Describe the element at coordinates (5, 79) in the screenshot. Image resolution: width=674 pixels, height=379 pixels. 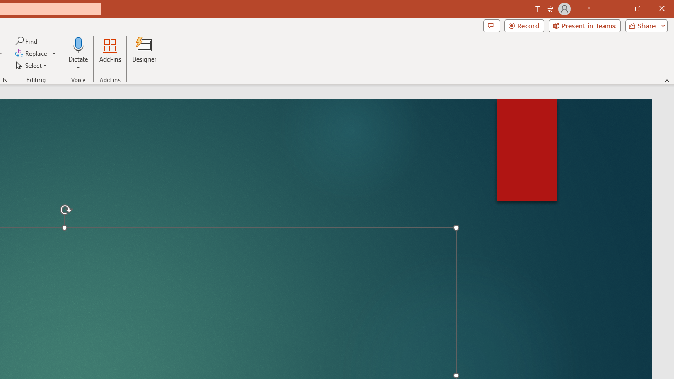
I see `'Format Object...'` at that location.